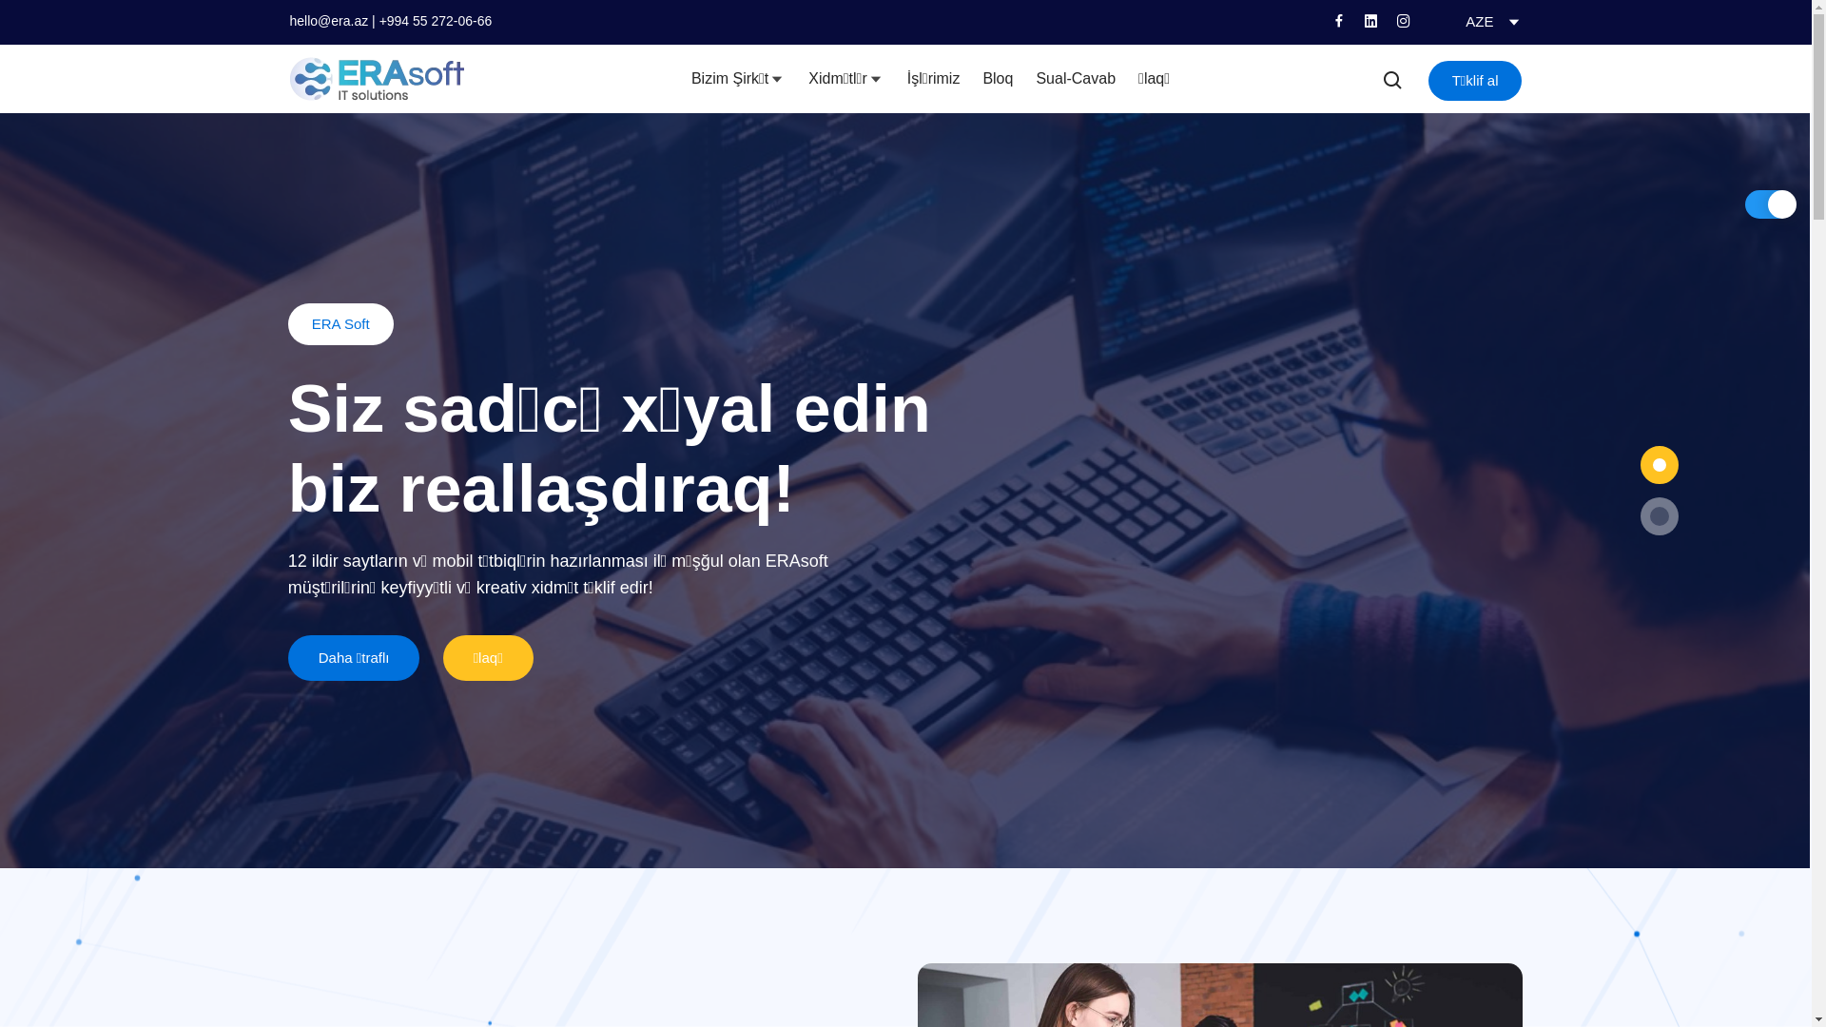  I want to click on '+994 55 272-06-66', so click(435, 21).